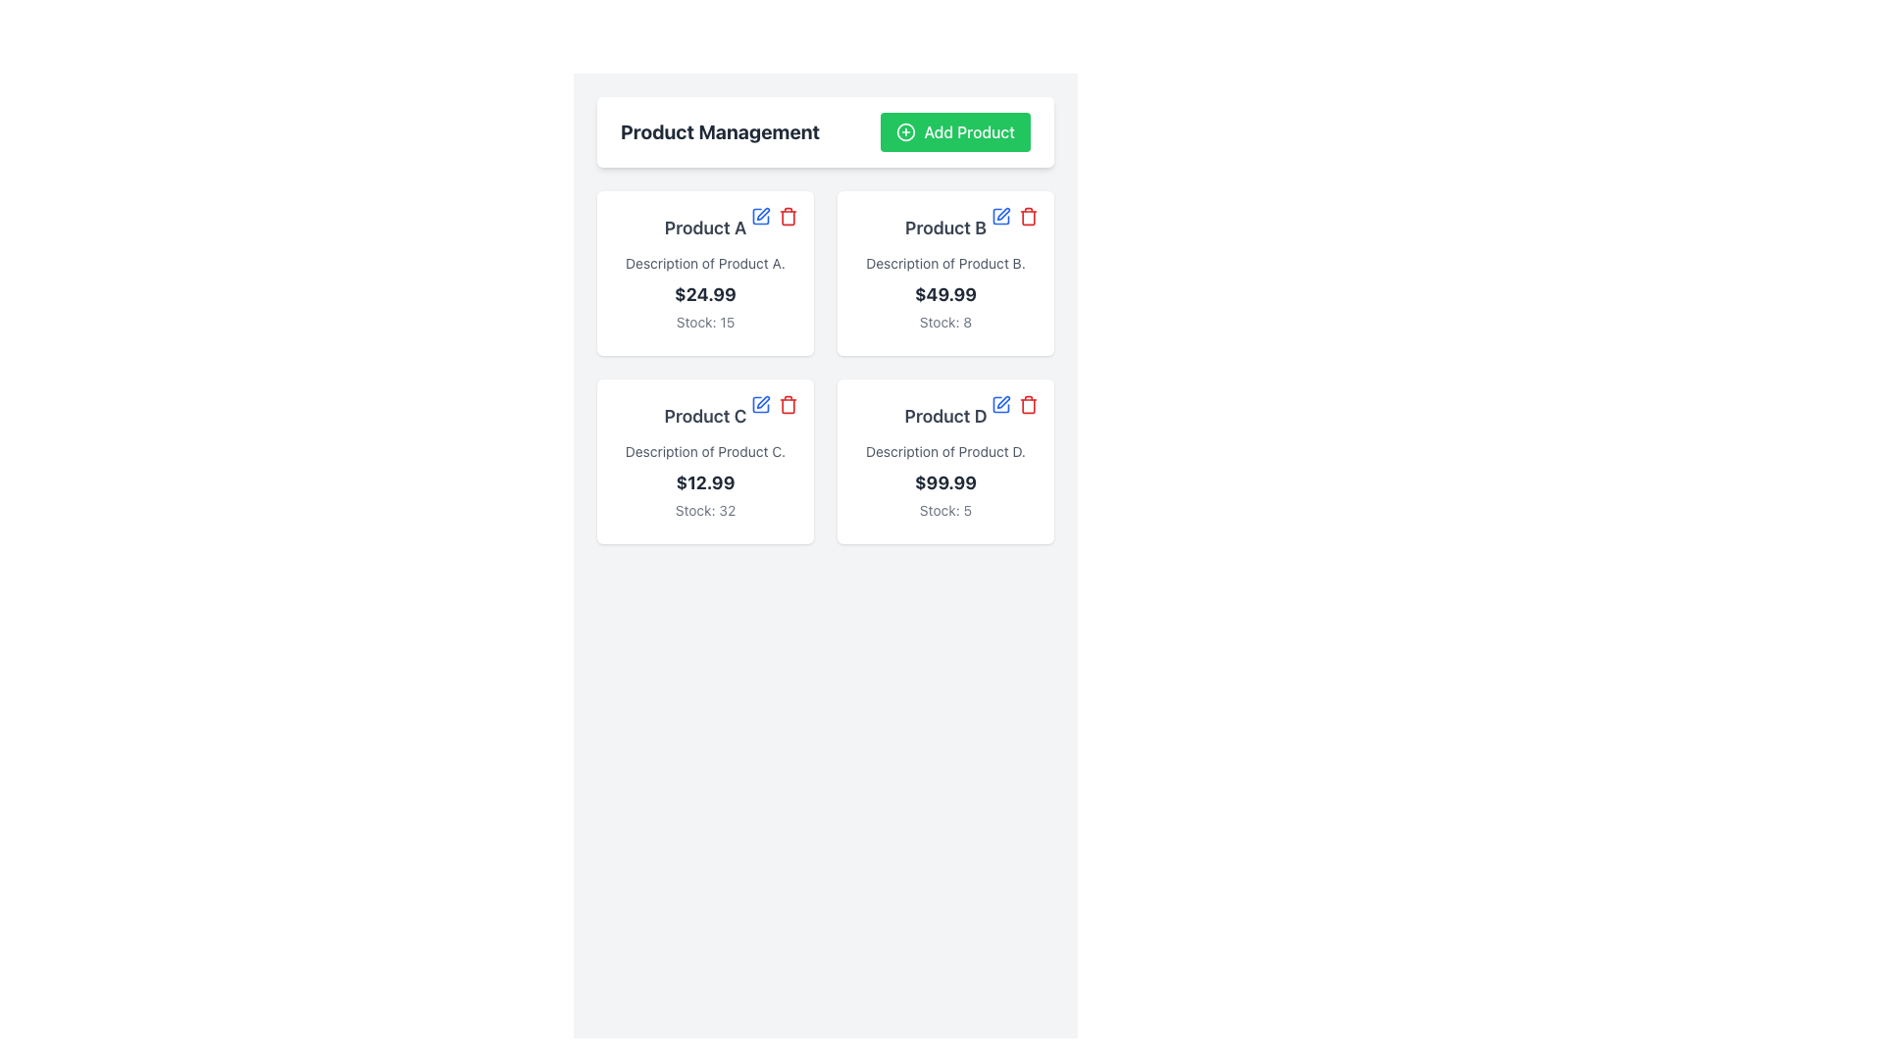 The height and width of the screenshot is (1059, 1883). Describe the element at coordinates (1028, 403) in the screenshot. I see `the trash icon button located in the top-right corner of the 'Product D' card` at that location.